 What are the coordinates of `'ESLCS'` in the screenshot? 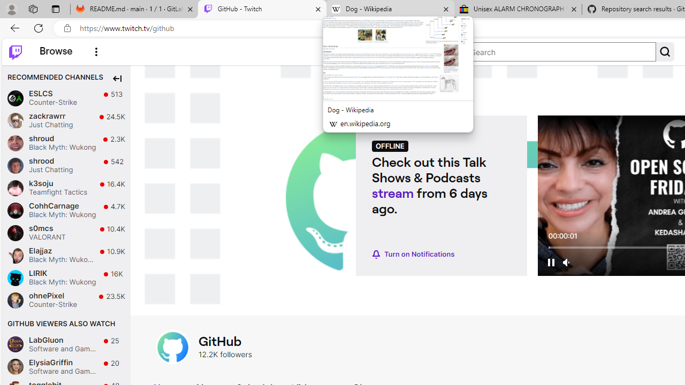 It's located at (15, 98).